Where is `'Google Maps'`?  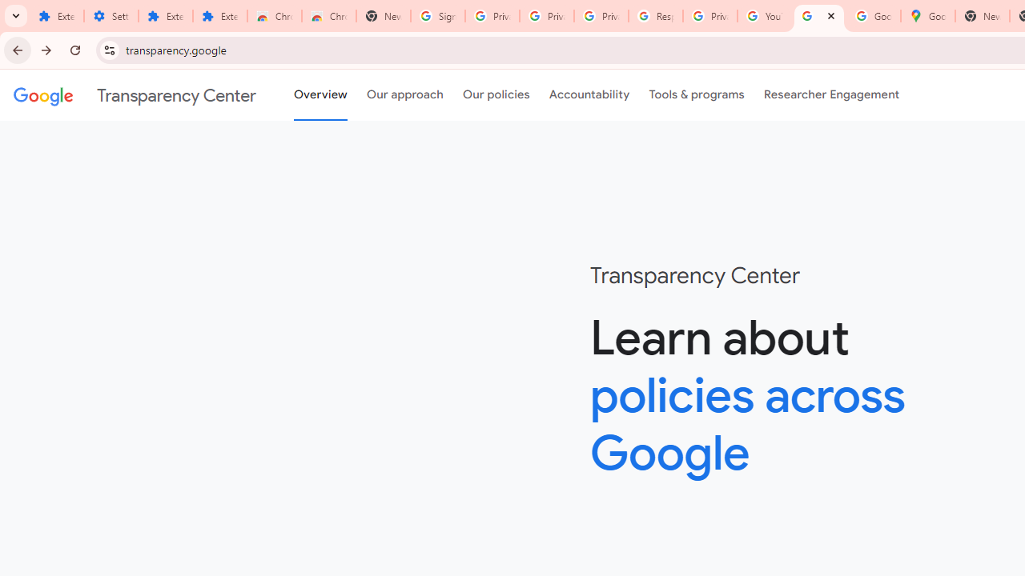
'Google Maps' is located at coordinates (928, 16).